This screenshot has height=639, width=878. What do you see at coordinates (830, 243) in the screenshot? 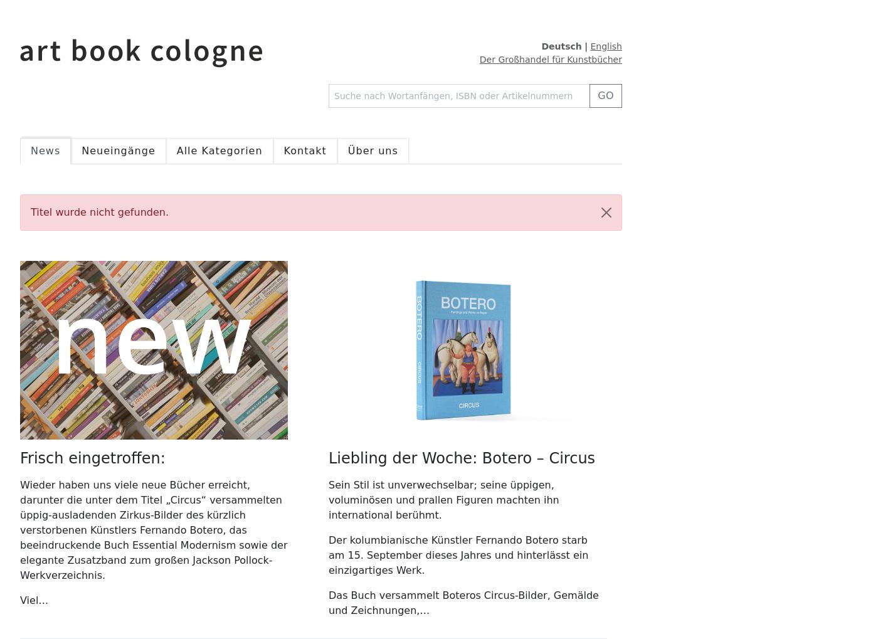
I see `'bearbeiten'` at bounding box center [830, 243].